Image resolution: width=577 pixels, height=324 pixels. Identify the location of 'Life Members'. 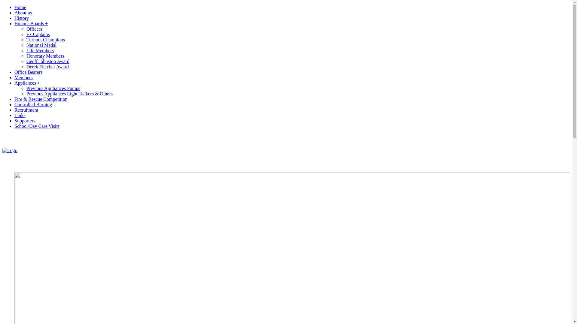
(40, 50).